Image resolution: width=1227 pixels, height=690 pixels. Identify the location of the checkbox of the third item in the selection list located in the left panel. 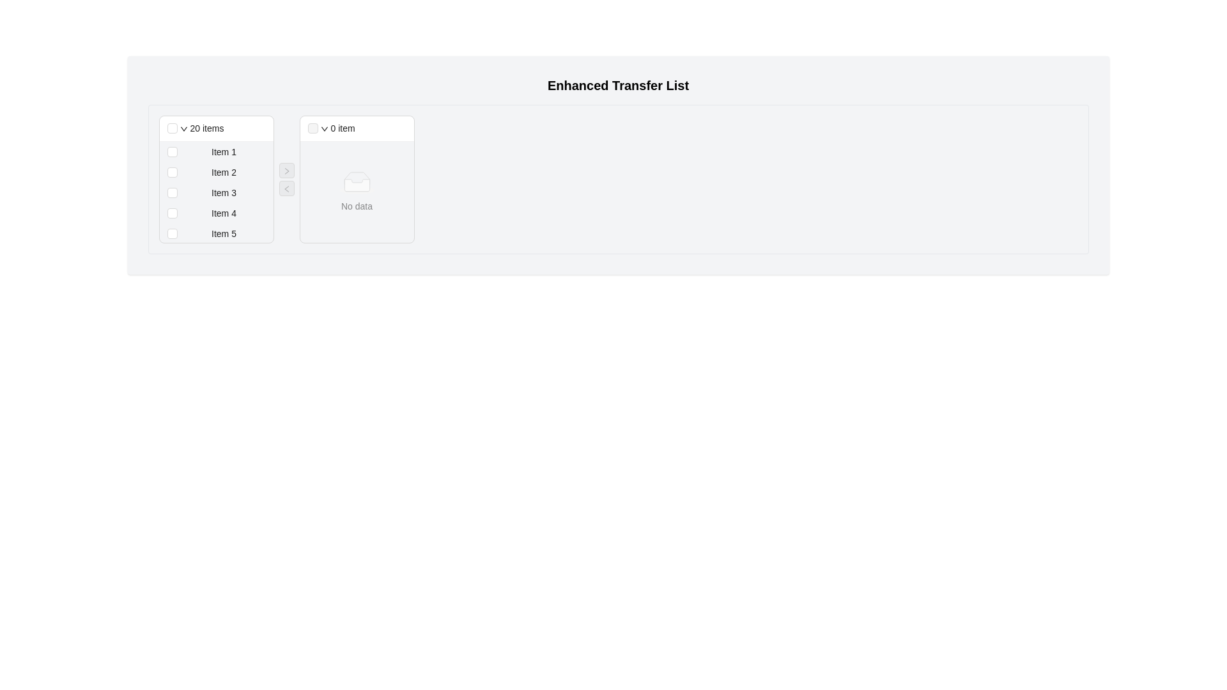
(216, 192).